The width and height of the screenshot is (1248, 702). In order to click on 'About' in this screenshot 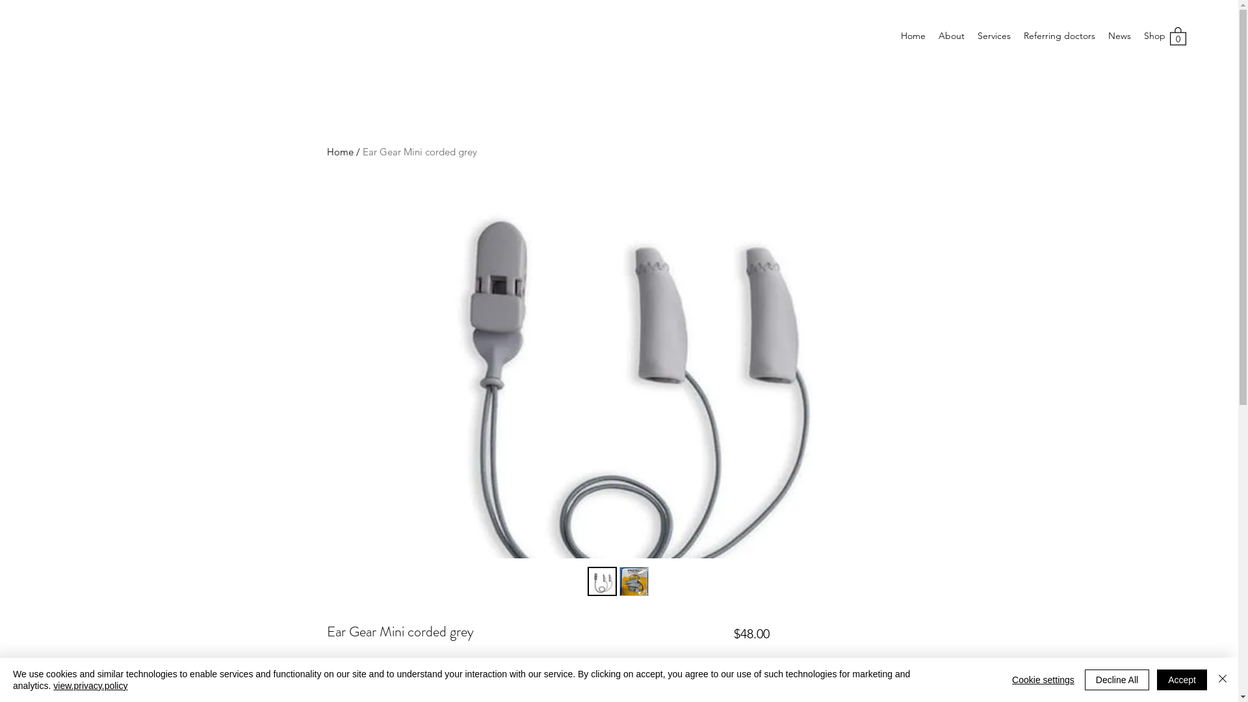, I will do `click(952, 34)`.